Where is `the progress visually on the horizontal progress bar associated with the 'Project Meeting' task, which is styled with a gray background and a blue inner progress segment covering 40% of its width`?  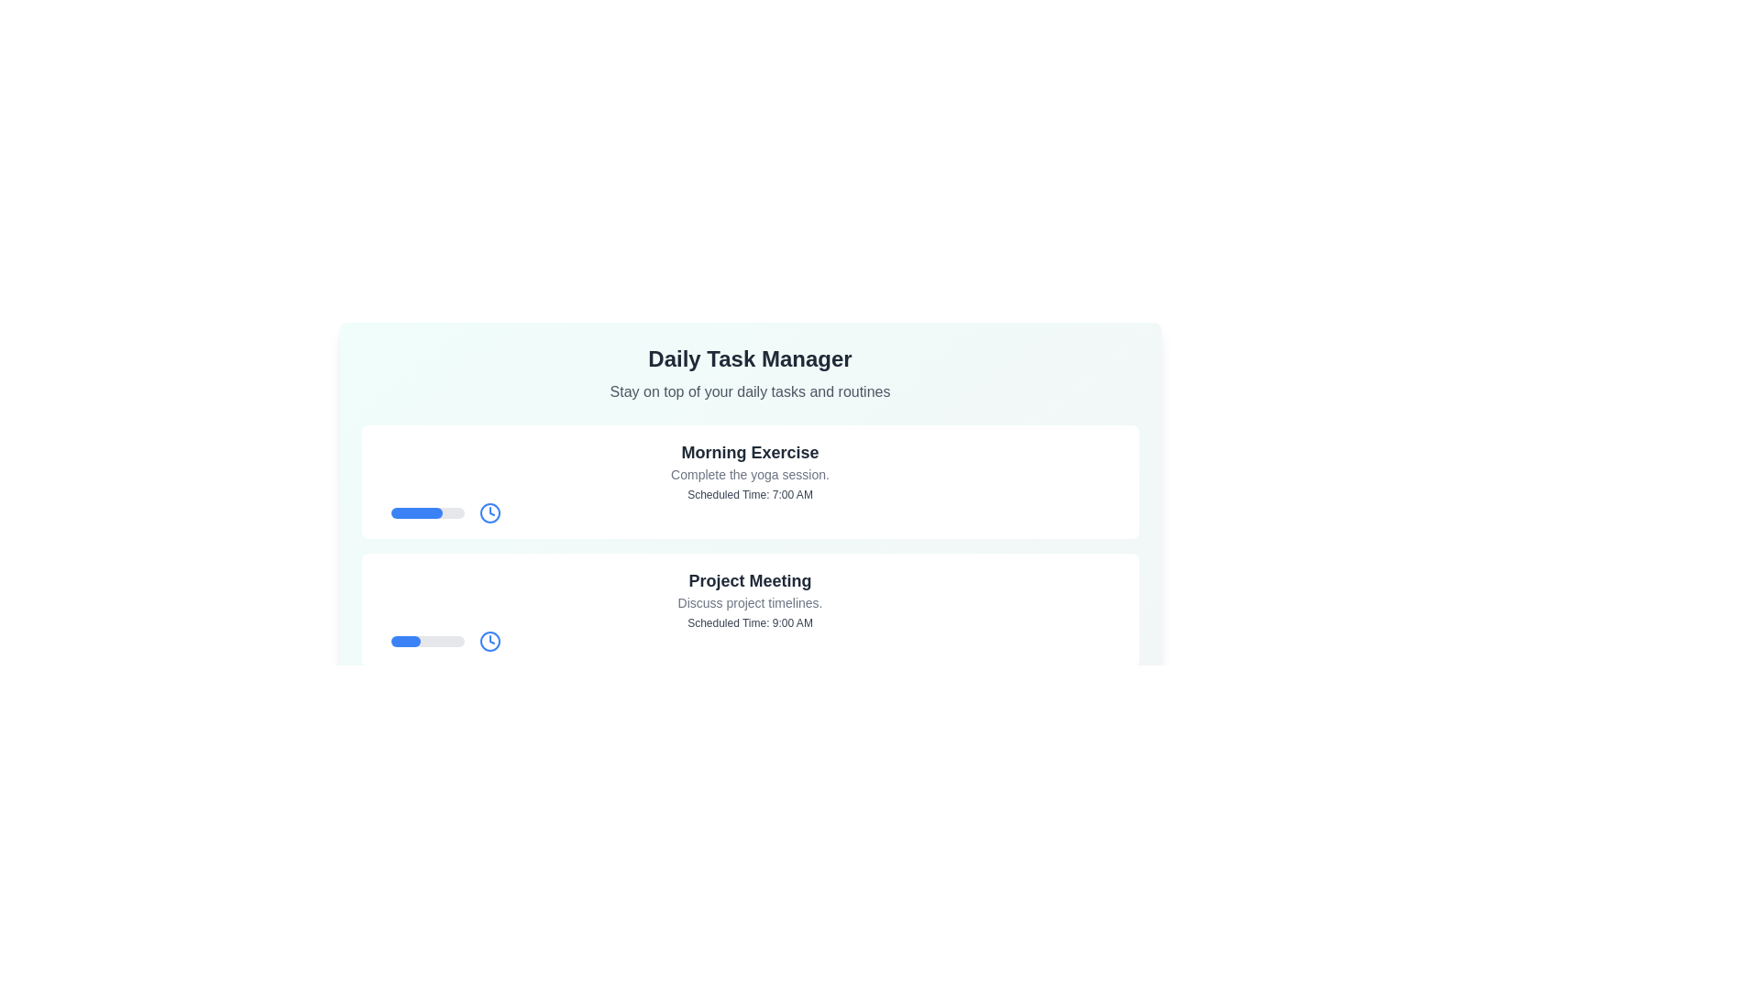 the progress visually on the horizontal progress bar associated with the 'Project Meeting' task, which is styled with a gray background and a blue inner progress segment covering 40% of its width is located at coordinates (426, 640).